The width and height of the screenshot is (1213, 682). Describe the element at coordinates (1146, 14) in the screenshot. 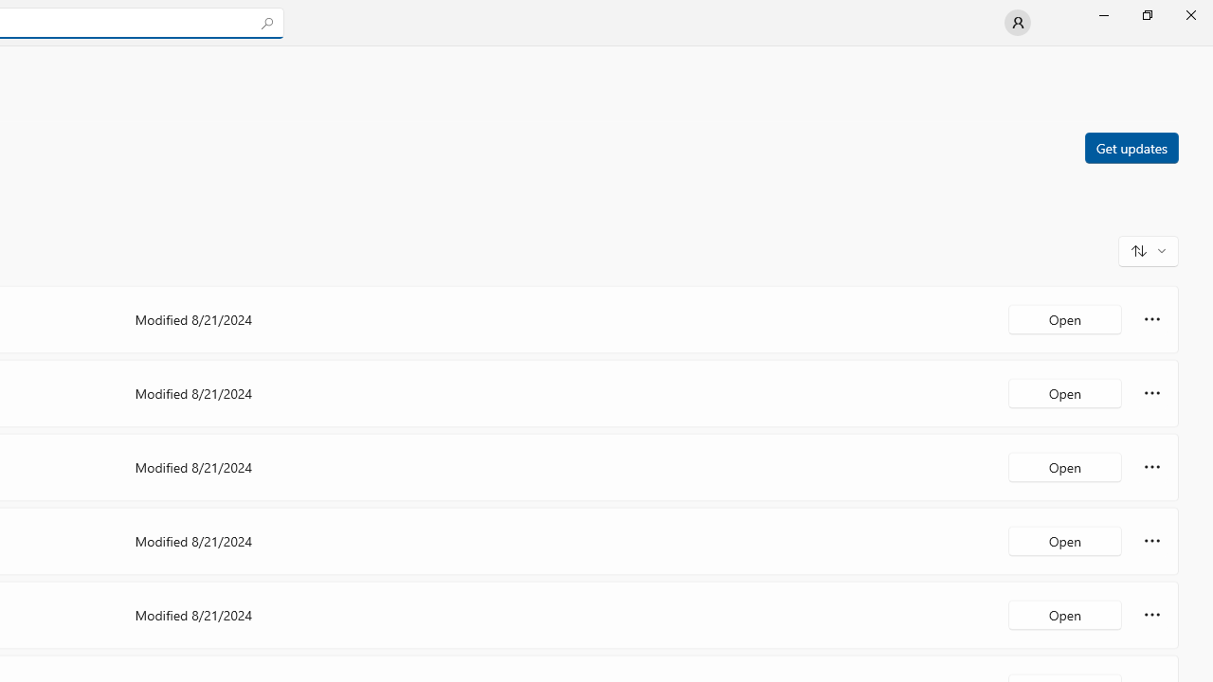

I see `'Restore Microsoft Store'` at that location.